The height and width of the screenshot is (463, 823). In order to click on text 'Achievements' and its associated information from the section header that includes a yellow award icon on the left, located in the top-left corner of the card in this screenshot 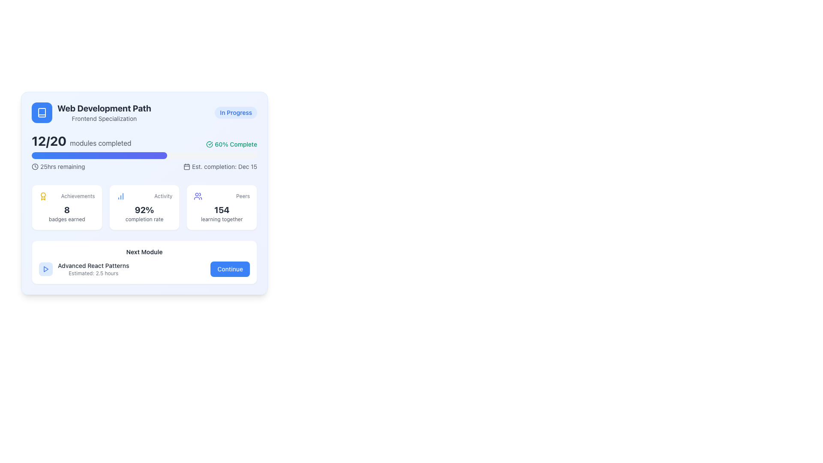, I will do `click(66, 196)`.